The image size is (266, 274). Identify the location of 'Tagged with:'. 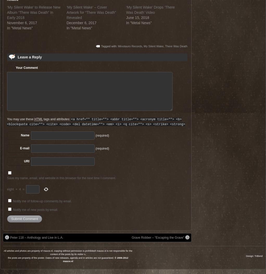
(109, 46).